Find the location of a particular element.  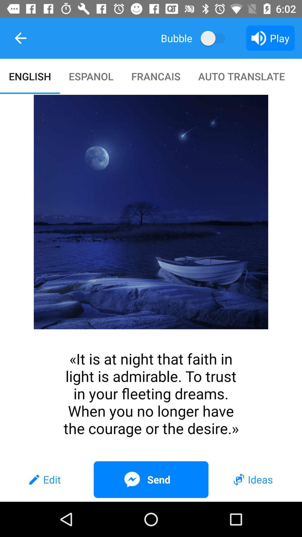

item above english icon is located at coordinates (20, 38).